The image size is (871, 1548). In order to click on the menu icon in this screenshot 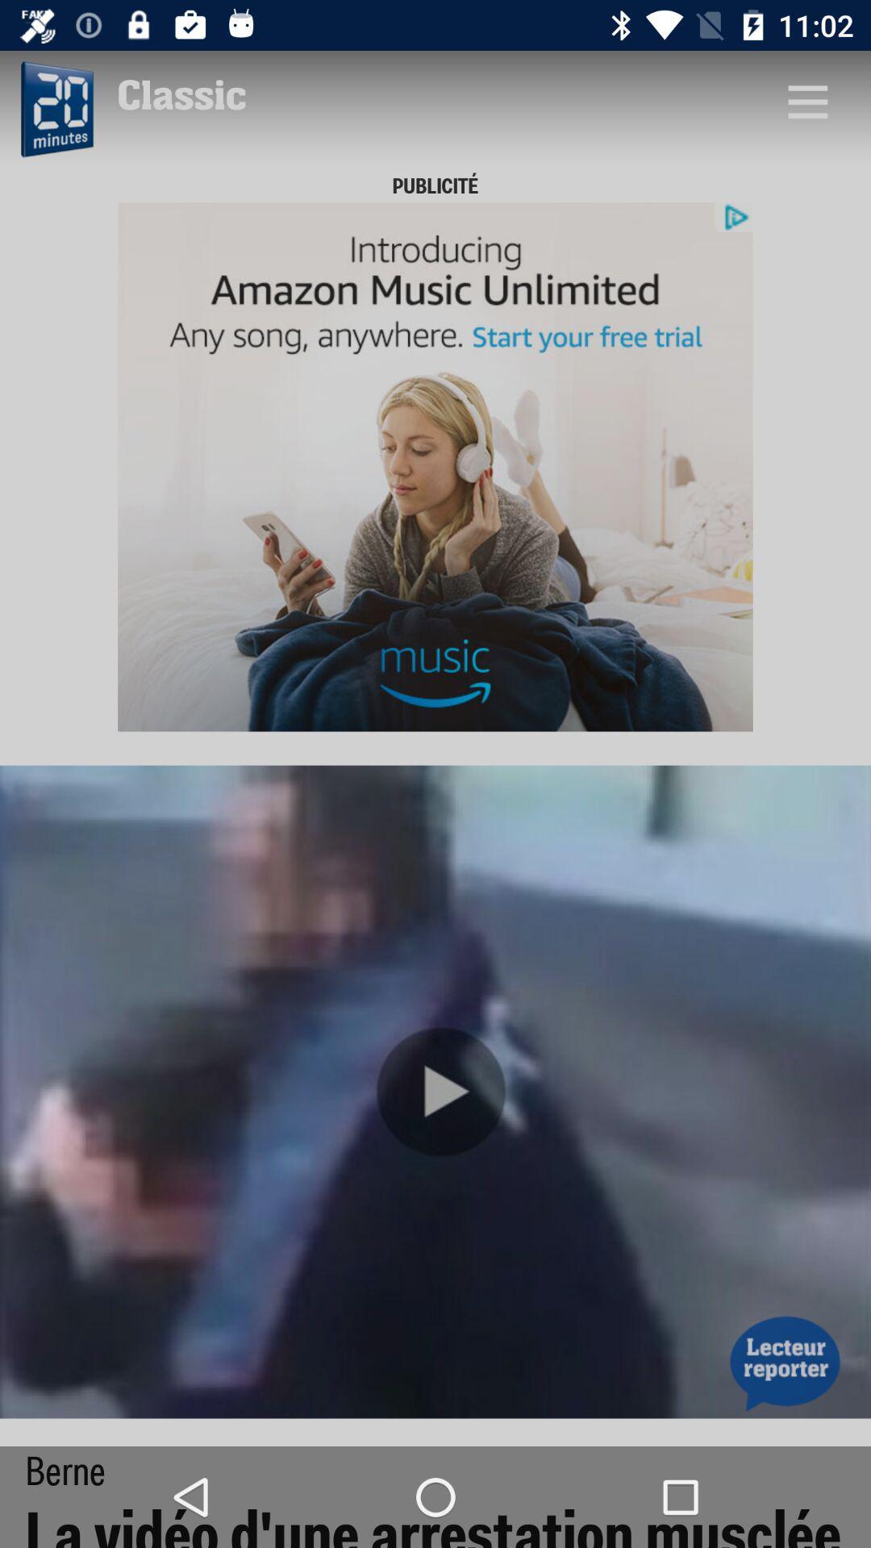, I will do `click(807, 100)`.